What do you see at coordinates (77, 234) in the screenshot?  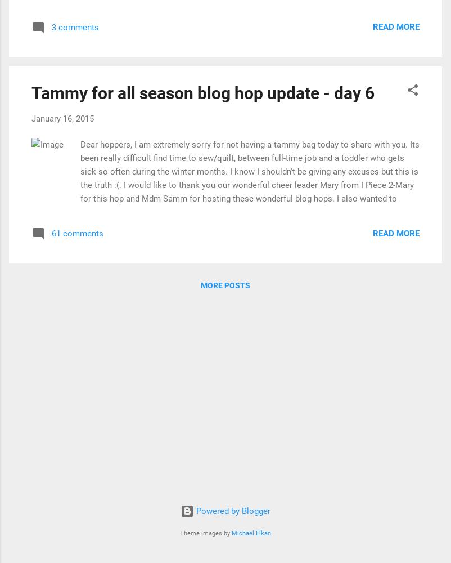 I see `'61 comments'` at bounding box center [77, 234].